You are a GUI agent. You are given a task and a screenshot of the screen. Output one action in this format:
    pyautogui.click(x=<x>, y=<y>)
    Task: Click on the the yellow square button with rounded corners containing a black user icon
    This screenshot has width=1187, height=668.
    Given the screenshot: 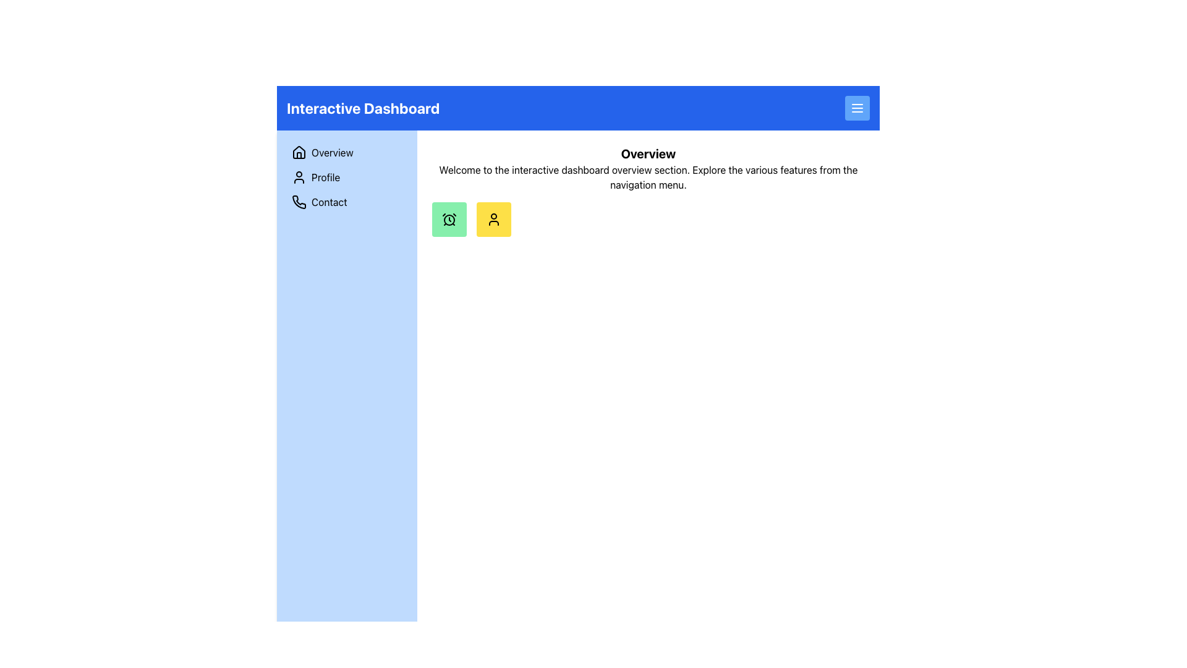 What is the action you would take?
    pyautogui.click(x=493, y=218)
    